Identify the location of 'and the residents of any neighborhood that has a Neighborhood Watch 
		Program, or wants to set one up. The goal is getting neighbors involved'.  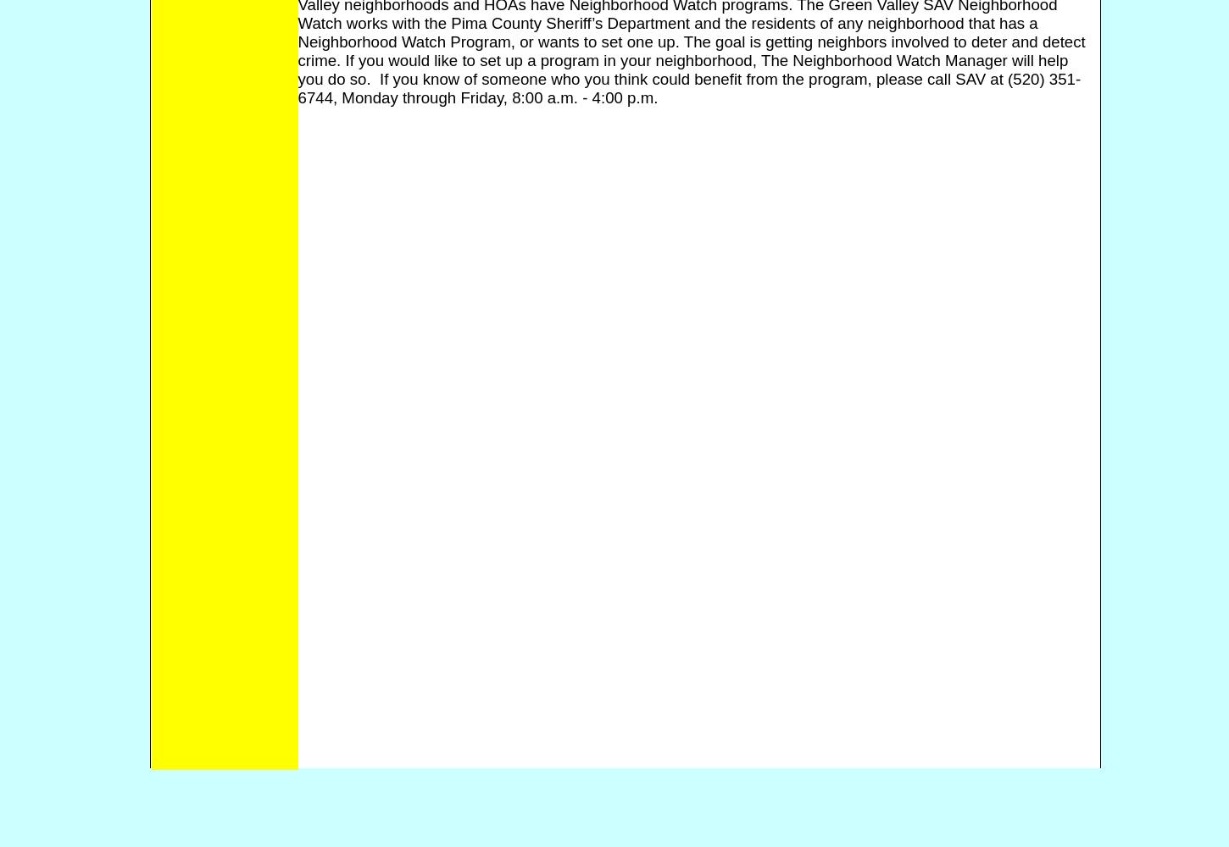
(667, 31).